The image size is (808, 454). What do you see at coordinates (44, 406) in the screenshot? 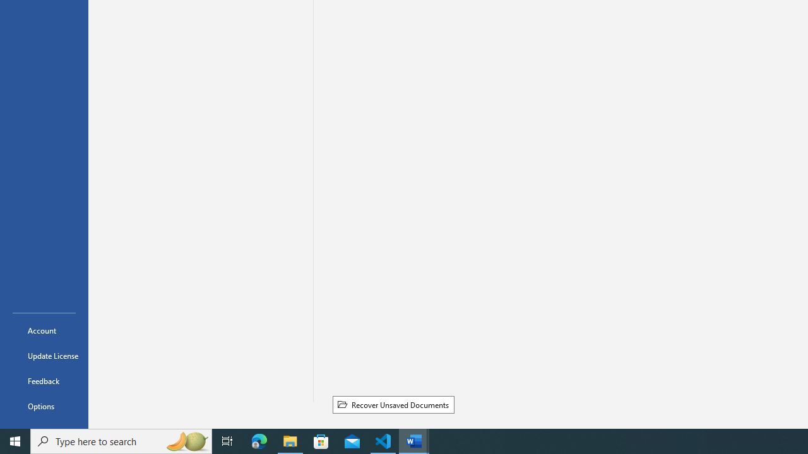
I see `'Options'` at bounding box center [44, 406].